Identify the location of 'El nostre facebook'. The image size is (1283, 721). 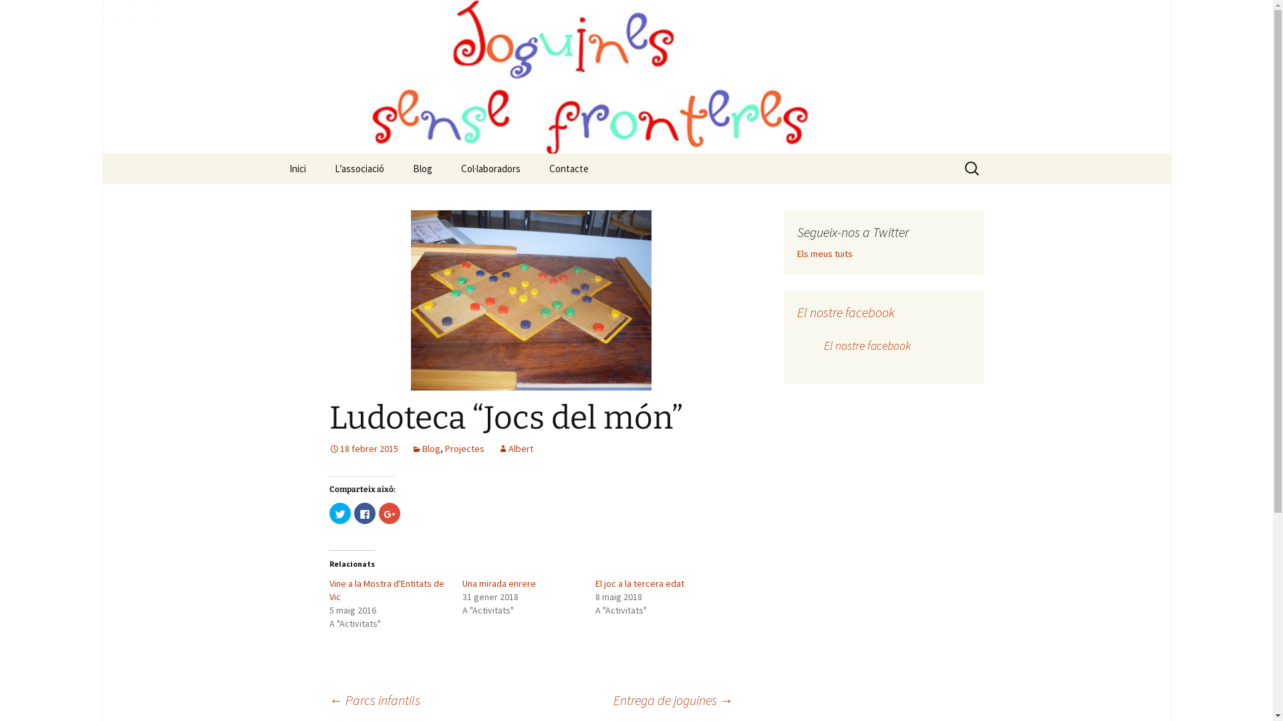
(845, 312).